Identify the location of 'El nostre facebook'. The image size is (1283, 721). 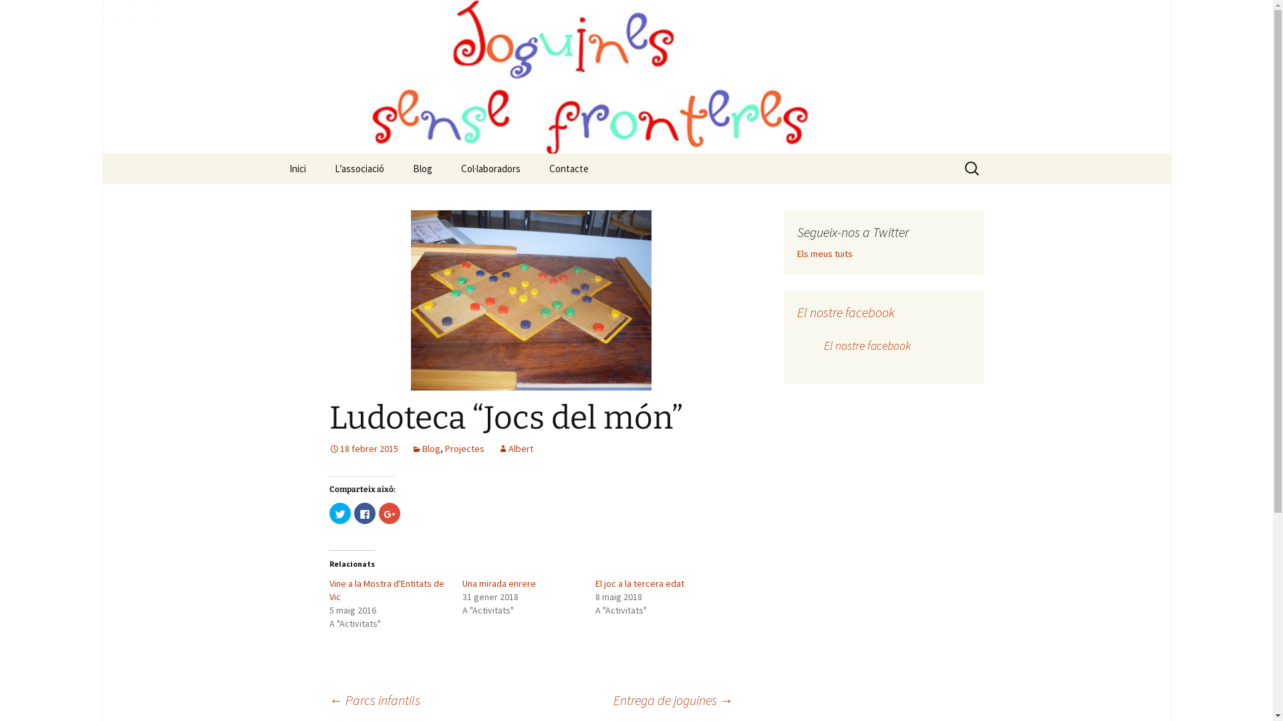
(845, 312).